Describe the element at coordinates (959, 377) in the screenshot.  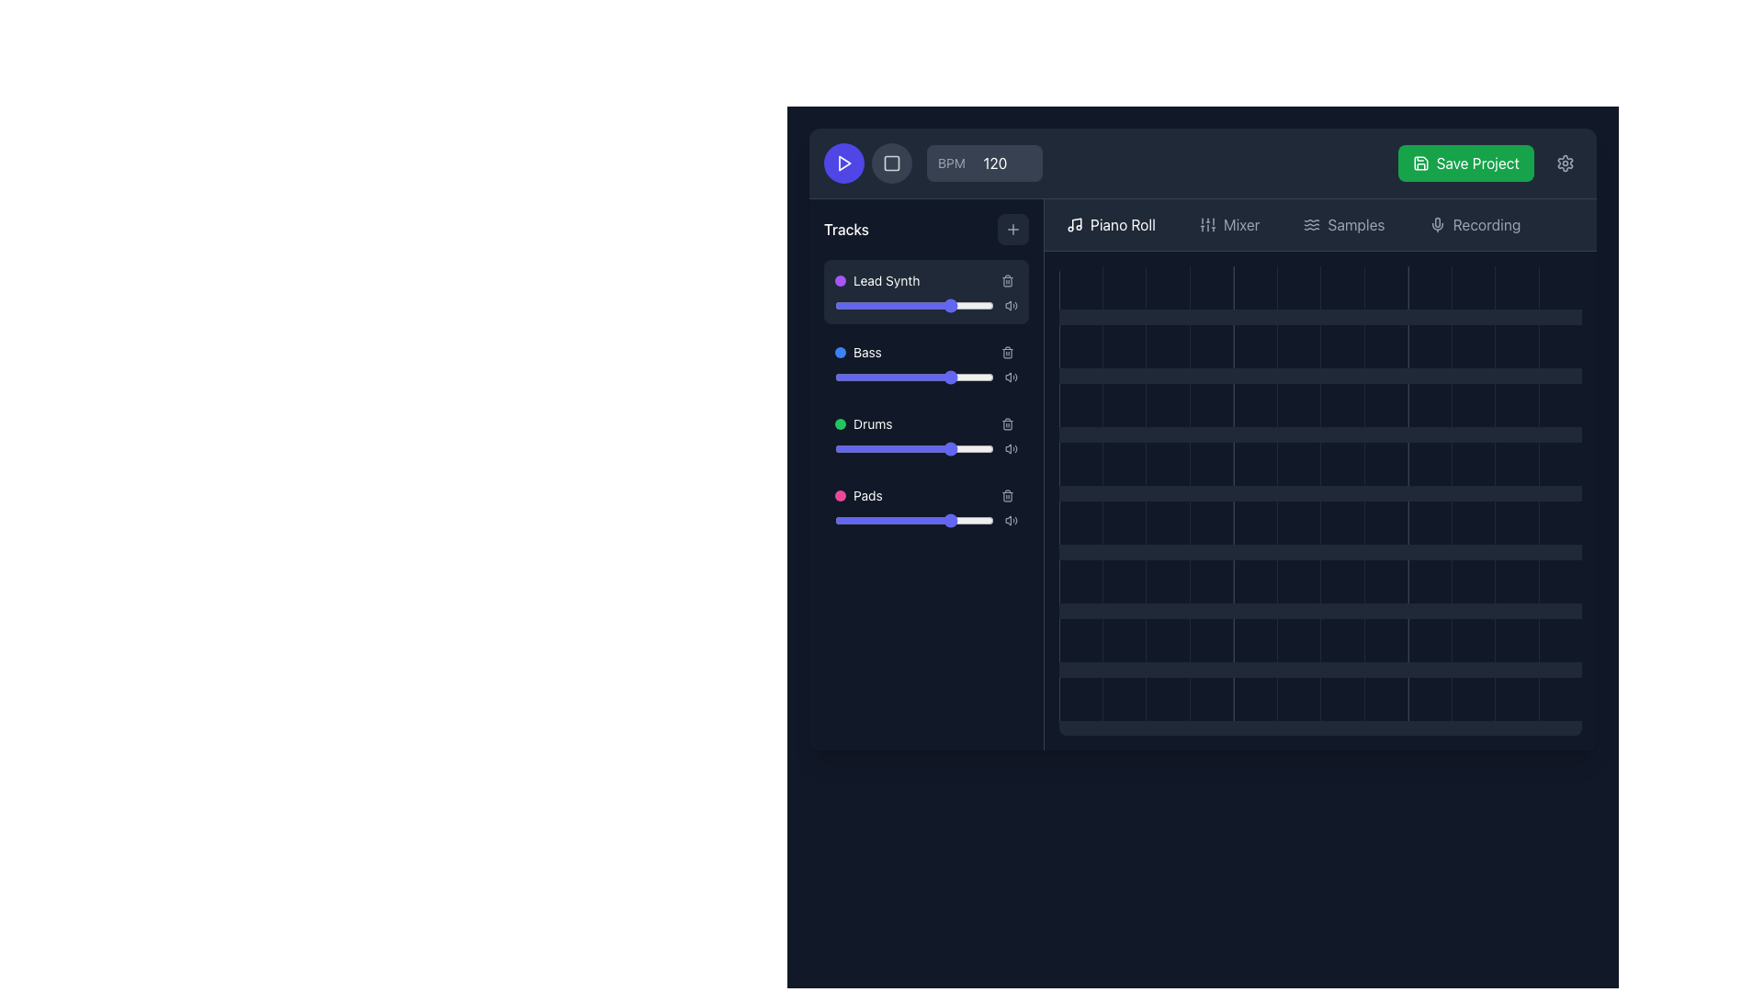
I see `the bass level` at that location.